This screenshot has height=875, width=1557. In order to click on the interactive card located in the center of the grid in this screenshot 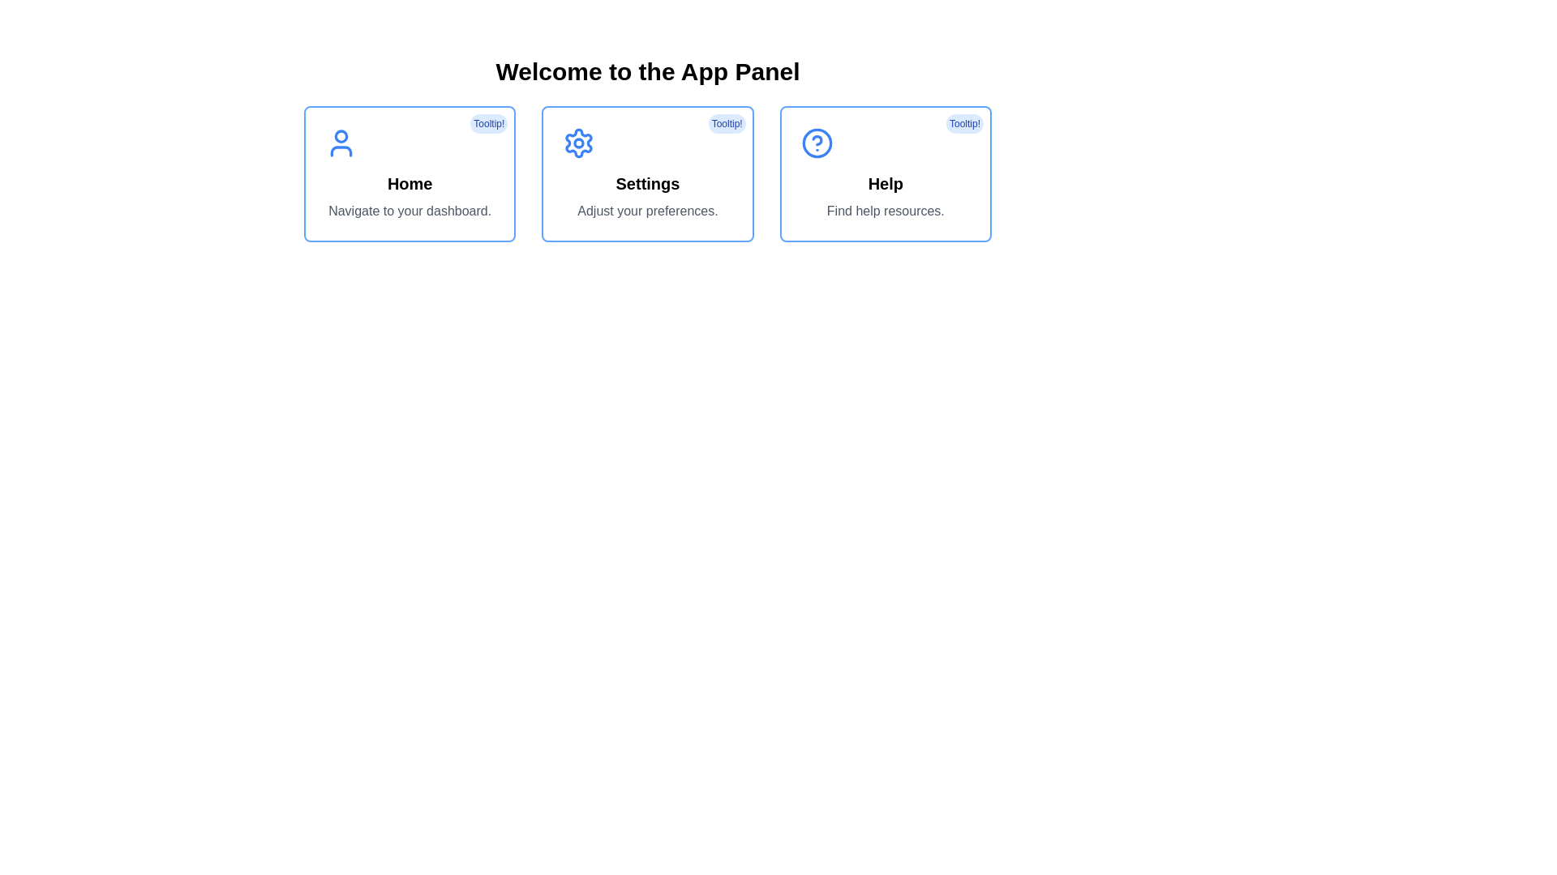, I will do `click(646, 174)`.